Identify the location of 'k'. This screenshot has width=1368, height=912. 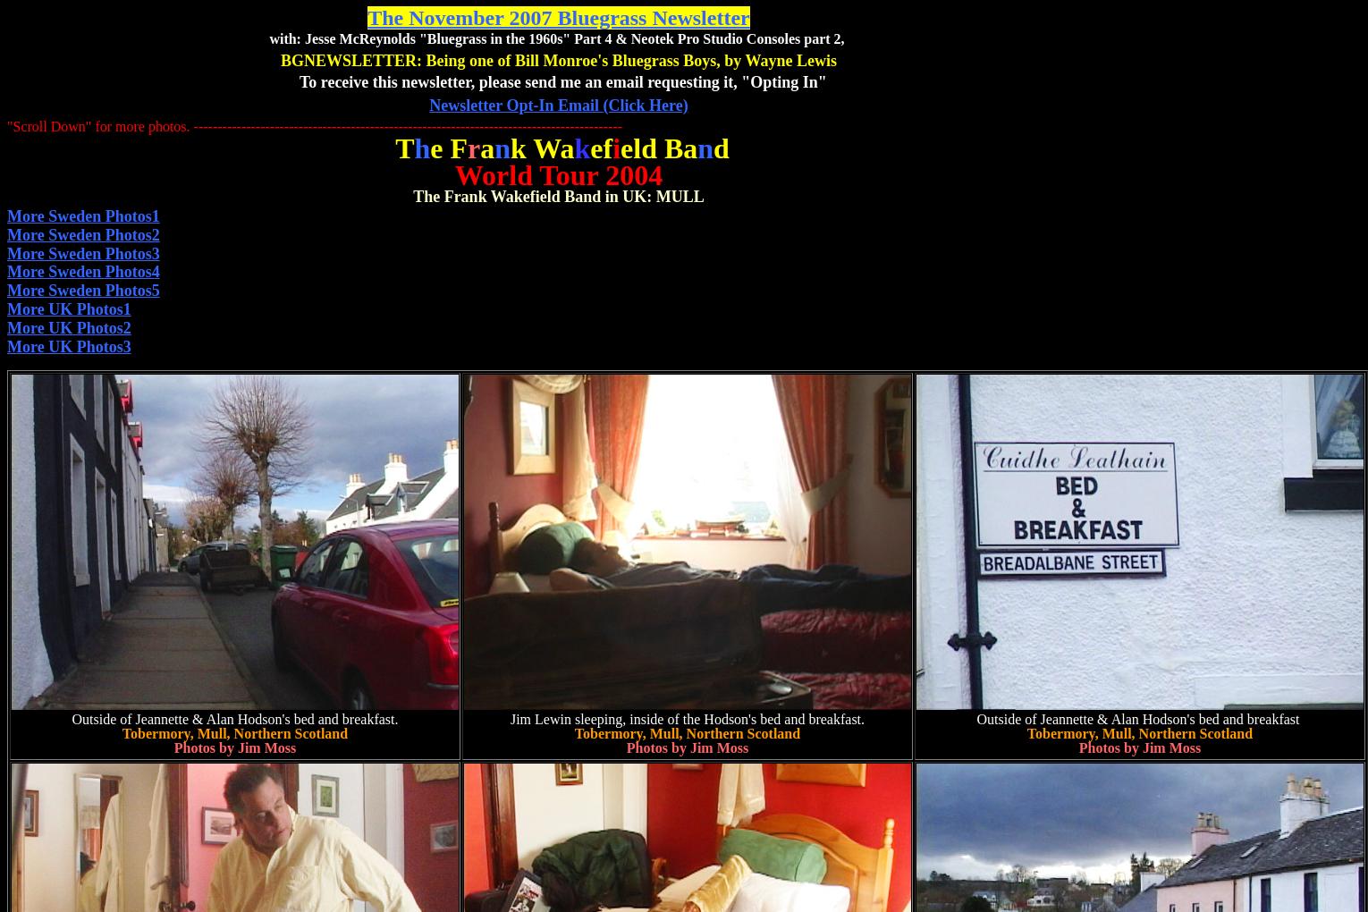
(573, 148).